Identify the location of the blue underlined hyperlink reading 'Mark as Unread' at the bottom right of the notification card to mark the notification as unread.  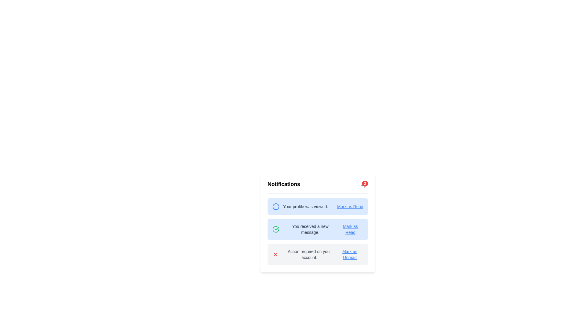
(350, 255).